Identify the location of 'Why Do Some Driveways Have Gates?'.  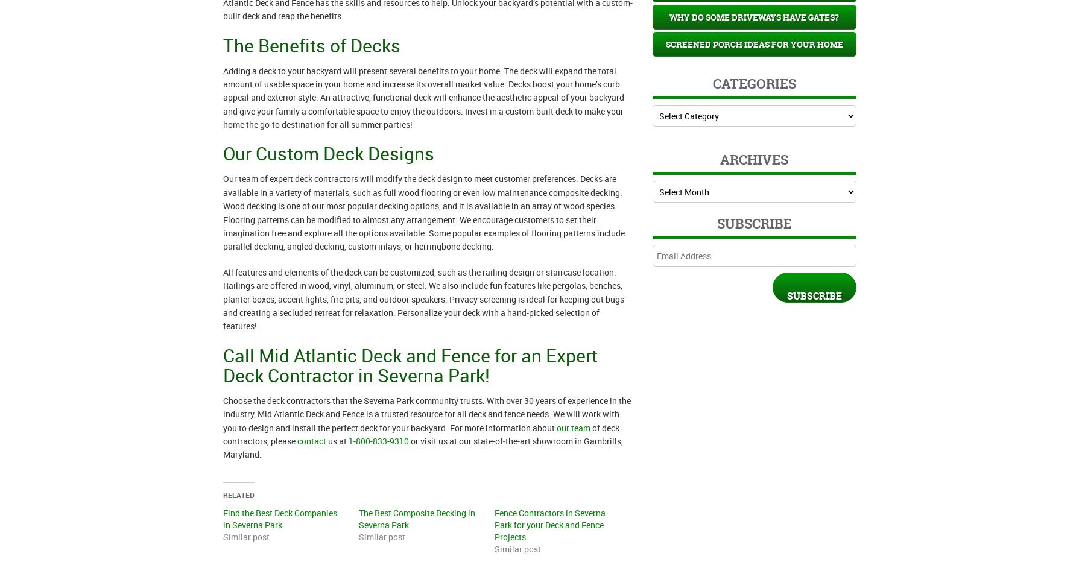
(754, 16).